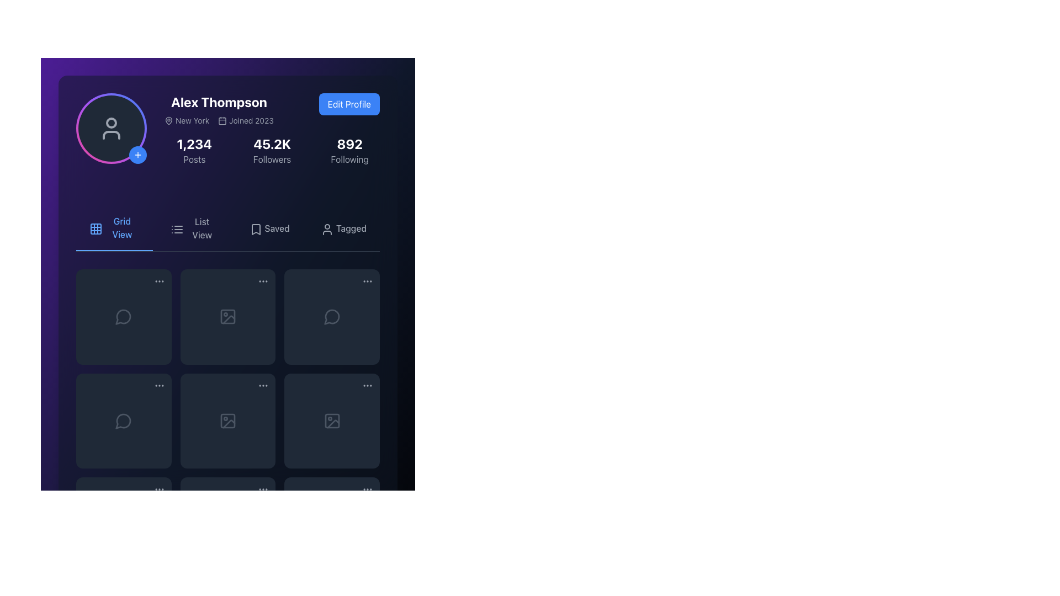 The height and width of the screenshot is (596, 1060). Describe the element at coordinates (124, 317) in the screenshot. I see `the circular speech bubble icon in the top-left cell of the grid` at that location.